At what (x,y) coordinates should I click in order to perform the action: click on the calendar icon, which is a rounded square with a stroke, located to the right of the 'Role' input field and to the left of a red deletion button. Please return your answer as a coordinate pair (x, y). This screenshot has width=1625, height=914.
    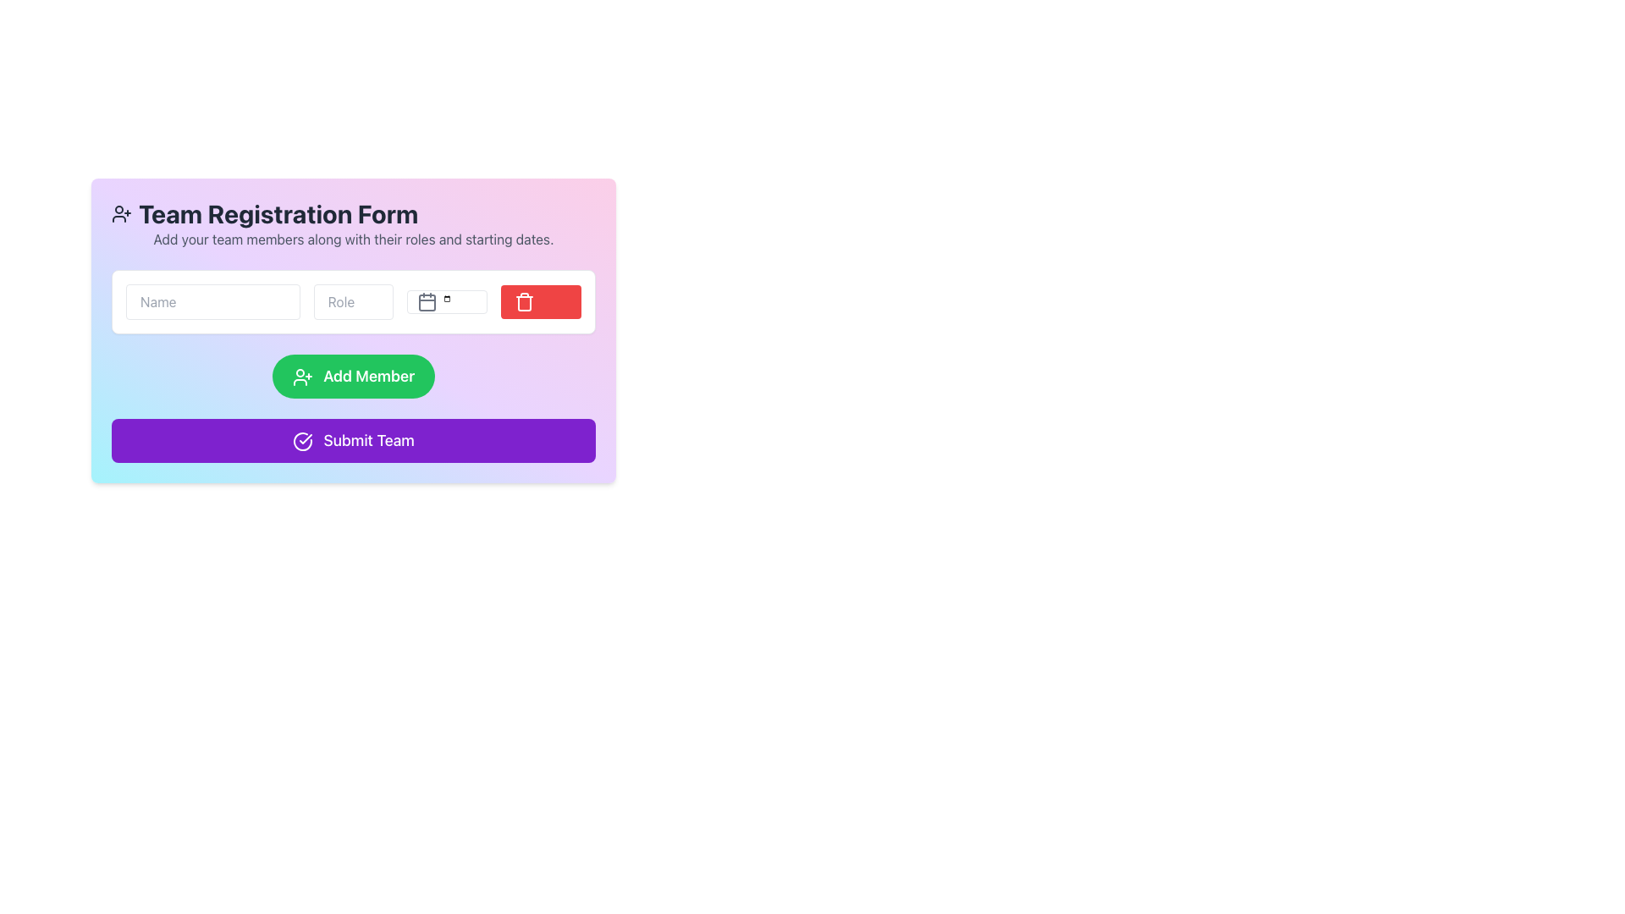
    Looking at the image, I should click on (427, 302).